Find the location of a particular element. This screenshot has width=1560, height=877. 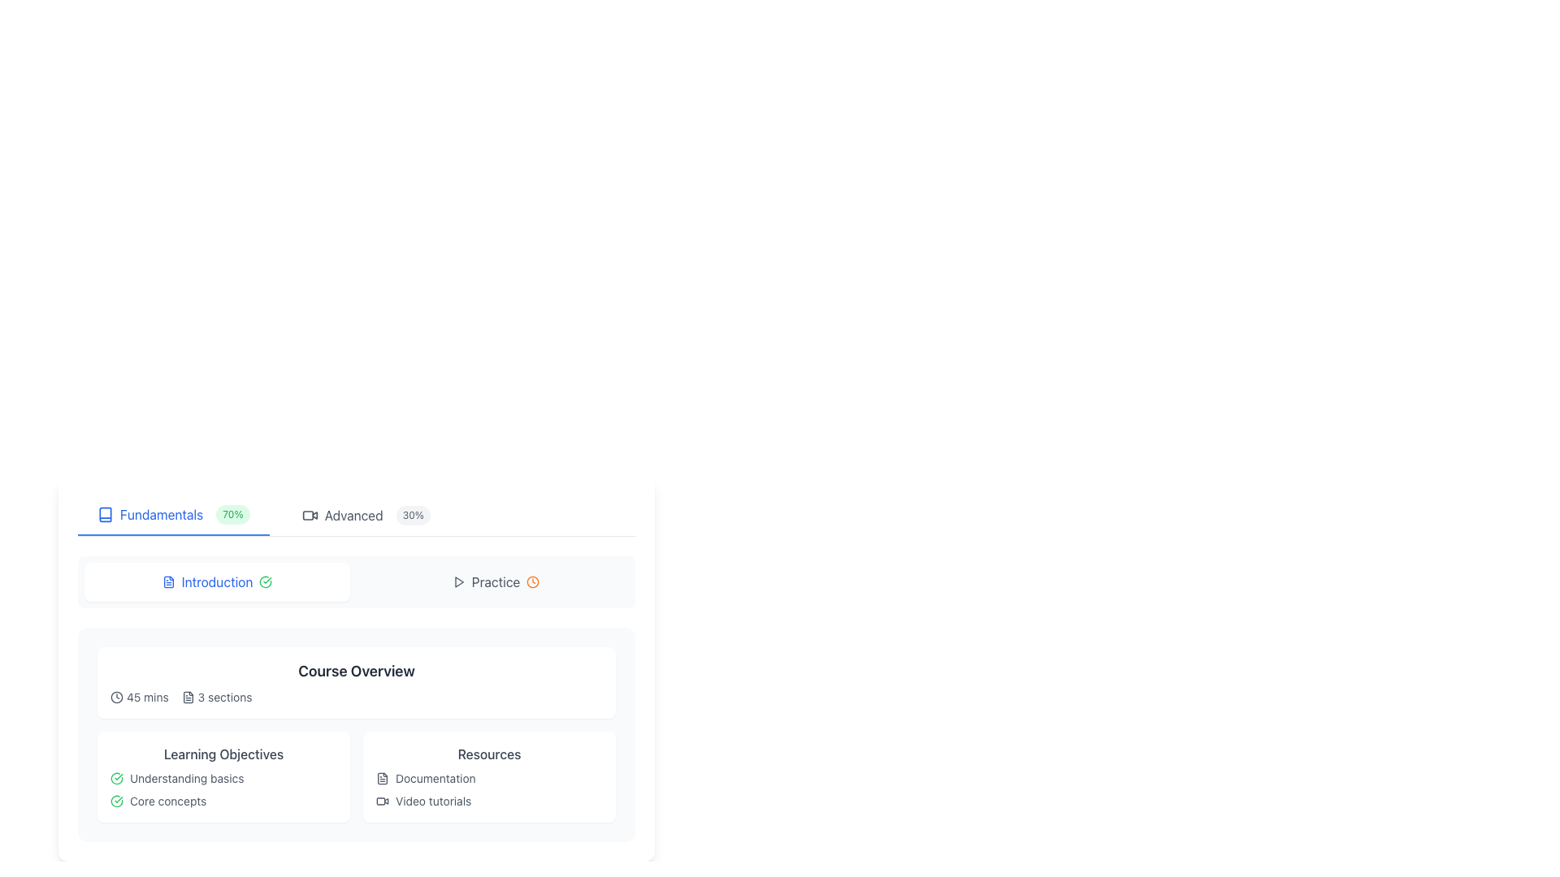

the 'Advanced' button, which is part of a horizontal tab structure is located at coordinates (365, 516).